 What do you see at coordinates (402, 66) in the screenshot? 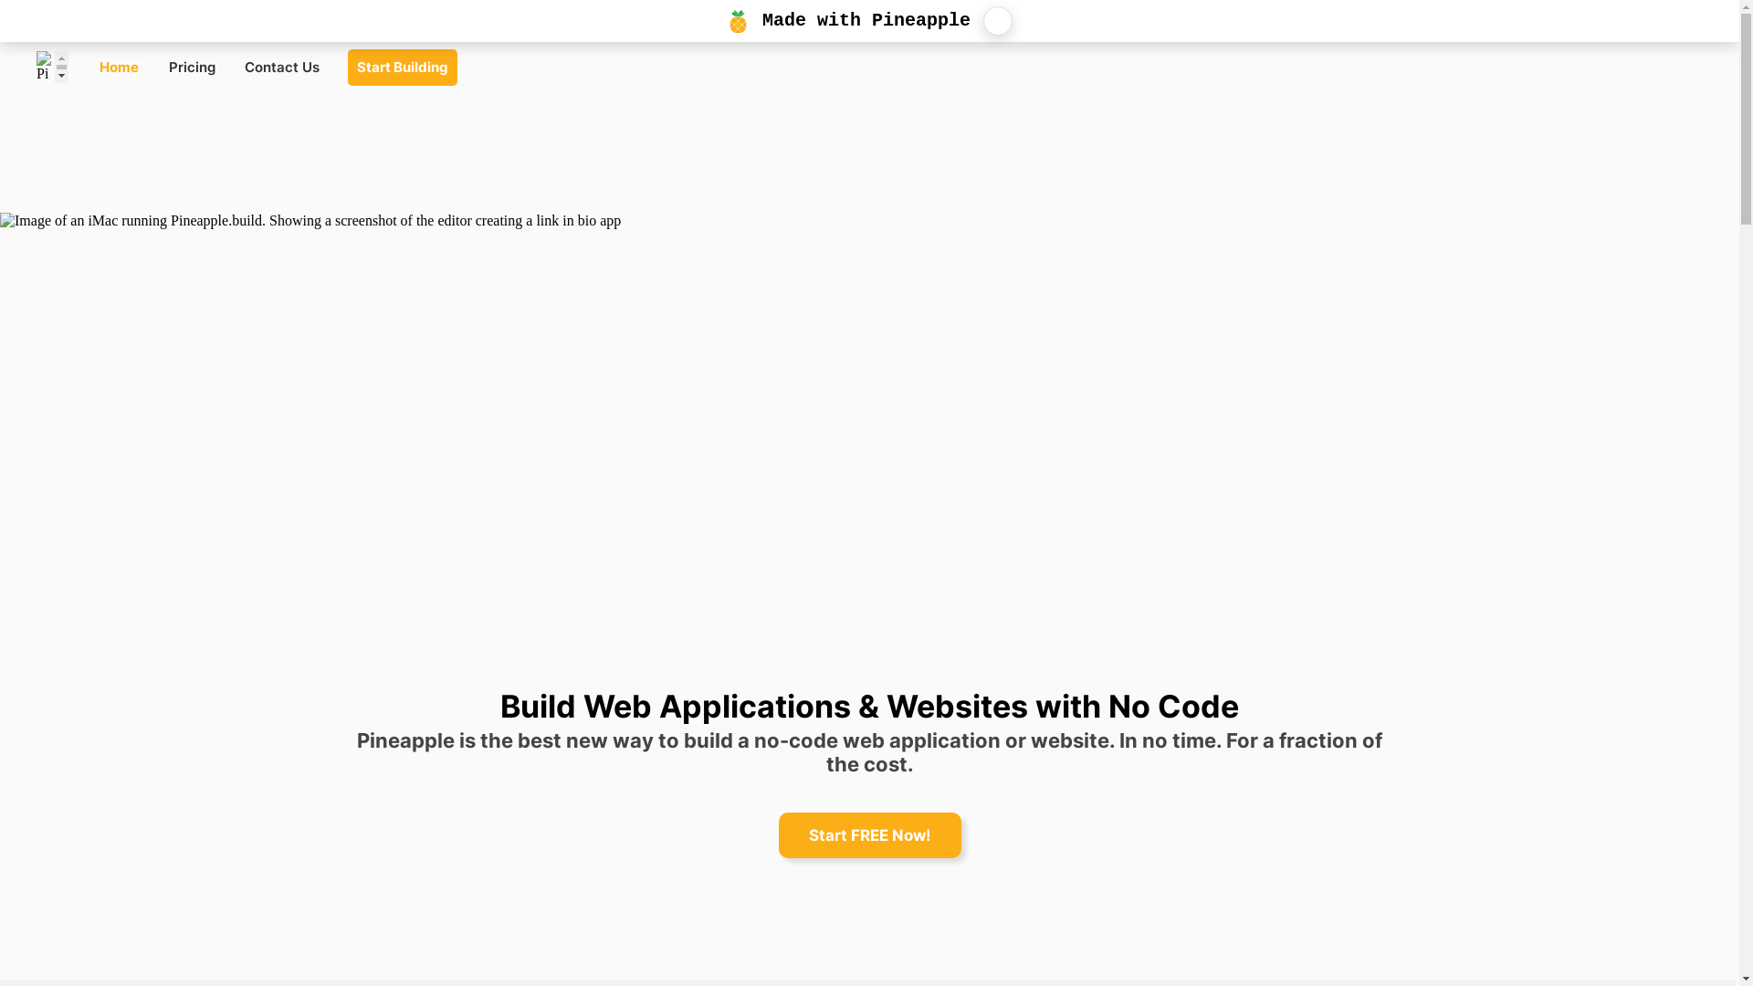
I see `'Start Building'` at bounding box center [402, 66].